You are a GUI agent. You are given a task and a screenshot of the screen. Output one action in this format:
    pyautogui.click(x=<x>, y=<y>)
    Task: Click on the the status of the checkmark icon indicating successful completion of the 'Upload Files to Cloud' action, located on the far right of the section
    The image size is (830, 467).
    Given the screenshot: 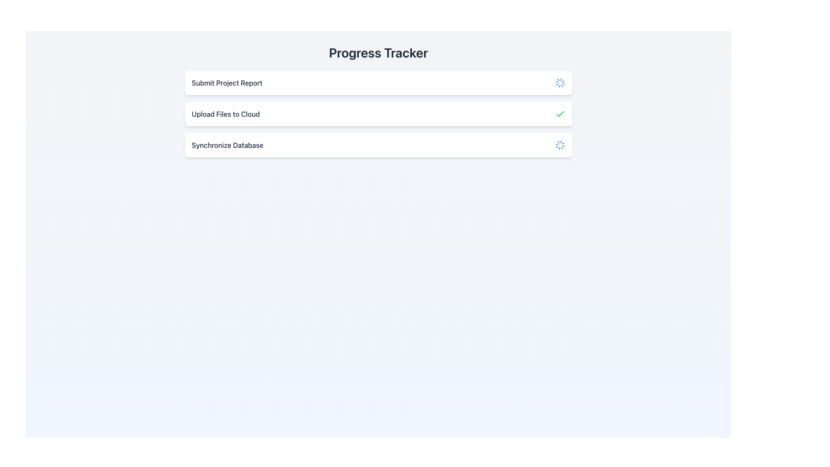 What is the action you would take?
    pyautogui.click(x=560, y=113)
    